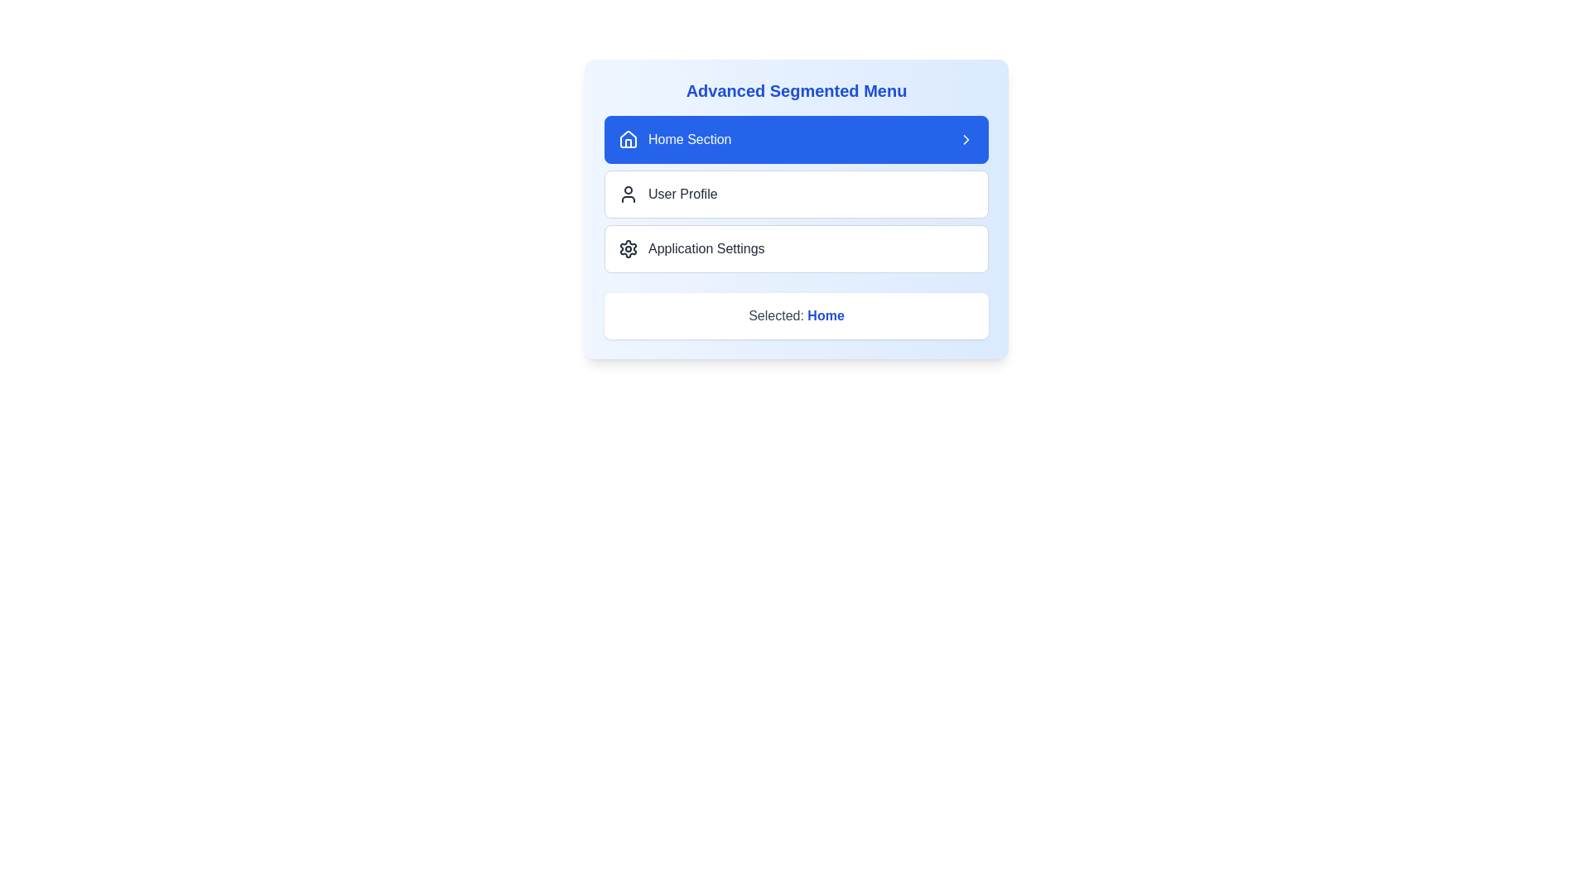 The height and width of the screenshot is (894, 1590). What do you see at coordinates (690, 139) in the screenshot?
I see `the 'Home Section' text label that indicates the currently selected section of the menu, positioned to the right of a 'house' icon in the segmented menu interface` at bounding box center [690, 139].